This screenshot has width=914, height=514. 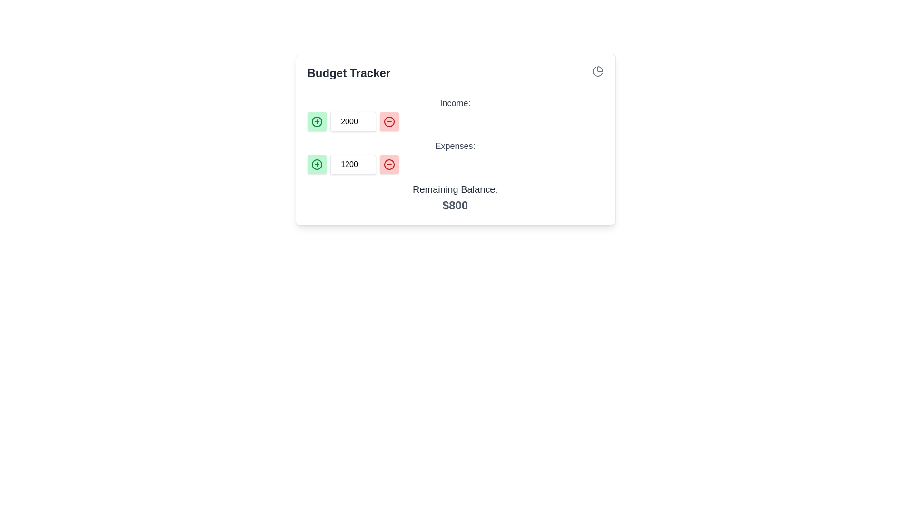 What do you see at coordinates (389, 164) in the screenshot?
I see `the second 'remove' button located within the red-colored controls in the expense tracking interface` at bounding box center [389, 164].